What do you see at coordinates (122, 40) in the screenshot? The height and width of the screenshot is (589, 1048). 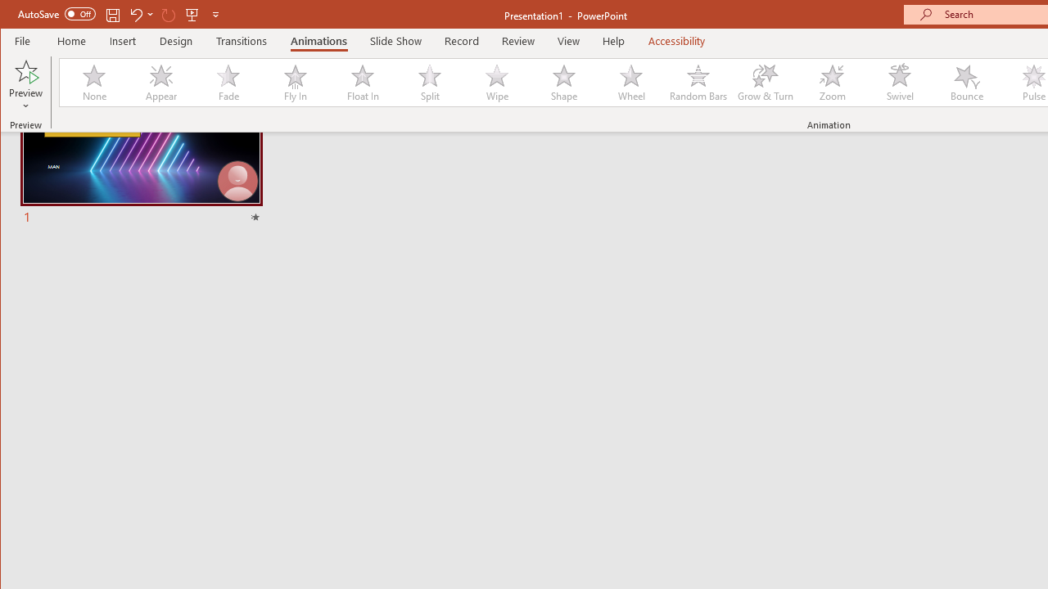 I see `'Insert'` at bounding box center [122, 40].